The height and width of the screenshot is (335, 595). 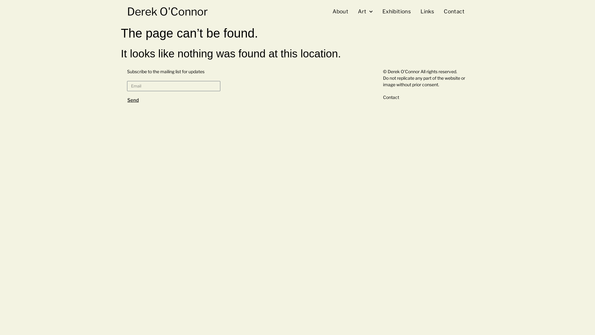 I want to click on 'Derek O'Connor', so click(x=167, y=11).